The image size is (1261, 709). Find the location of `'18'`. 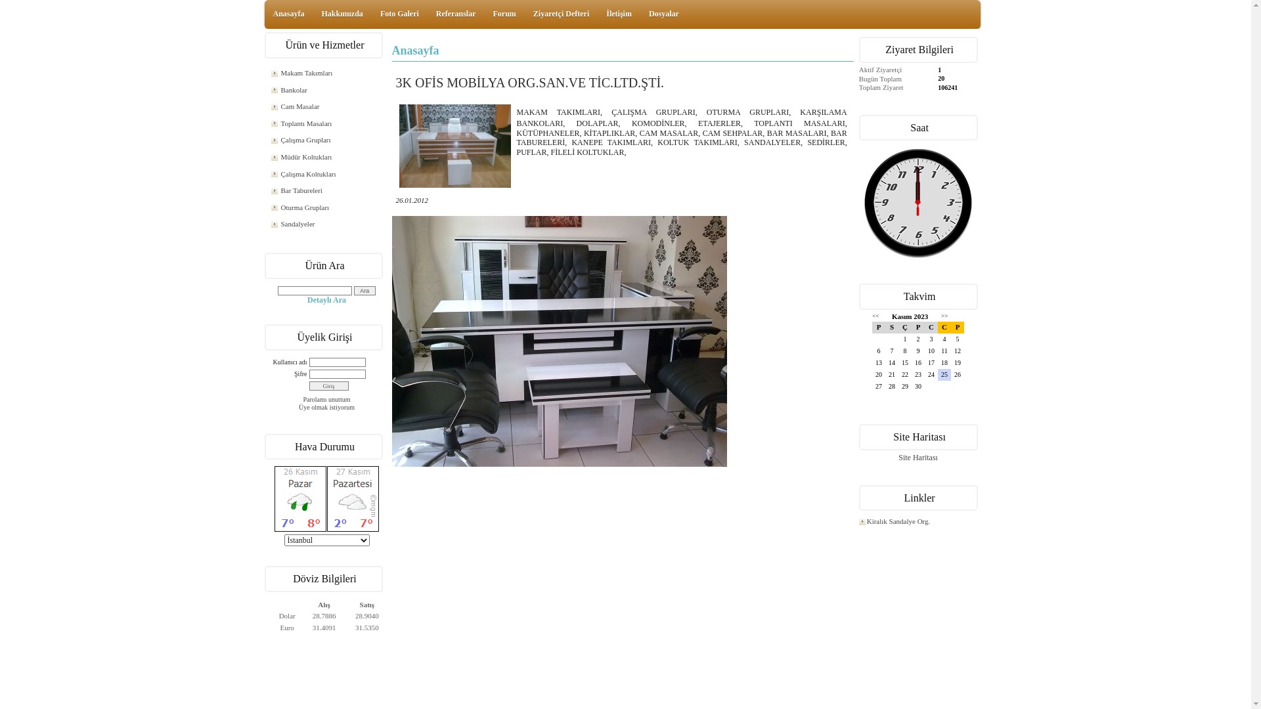

'18' is located at coordinates (944, 362).